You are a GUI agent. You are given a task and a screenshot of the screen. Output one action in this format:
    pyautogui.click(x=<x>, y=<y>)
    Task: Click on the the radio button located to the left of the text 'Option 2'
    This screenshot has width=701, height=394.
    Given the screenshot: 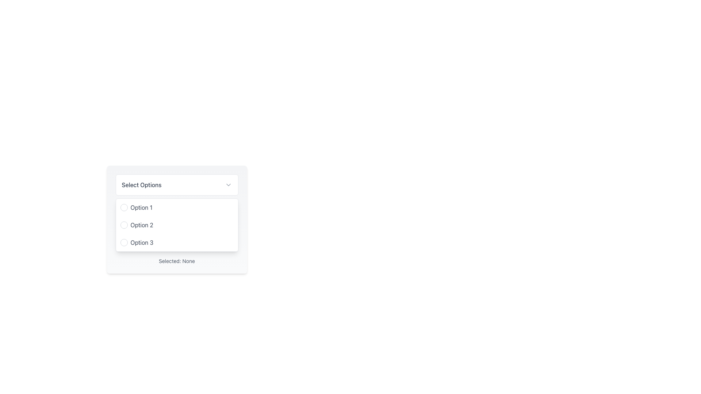 What is the action you would take?
    pyautogui.click(x=124, y=225)
    